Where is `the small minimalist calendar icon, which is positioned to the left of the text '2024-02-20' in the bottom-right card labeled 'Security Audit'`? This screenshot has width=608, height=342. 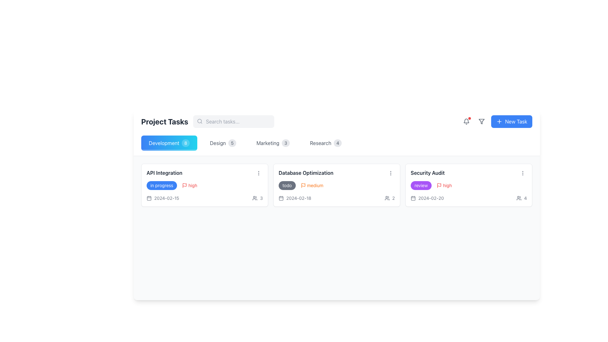
the small minimalist calendar icon, which is positioned to the left of the text '2024-02-20' in the bottom-right card labeled 'Security Audit' is located at coordinates (413, 198).